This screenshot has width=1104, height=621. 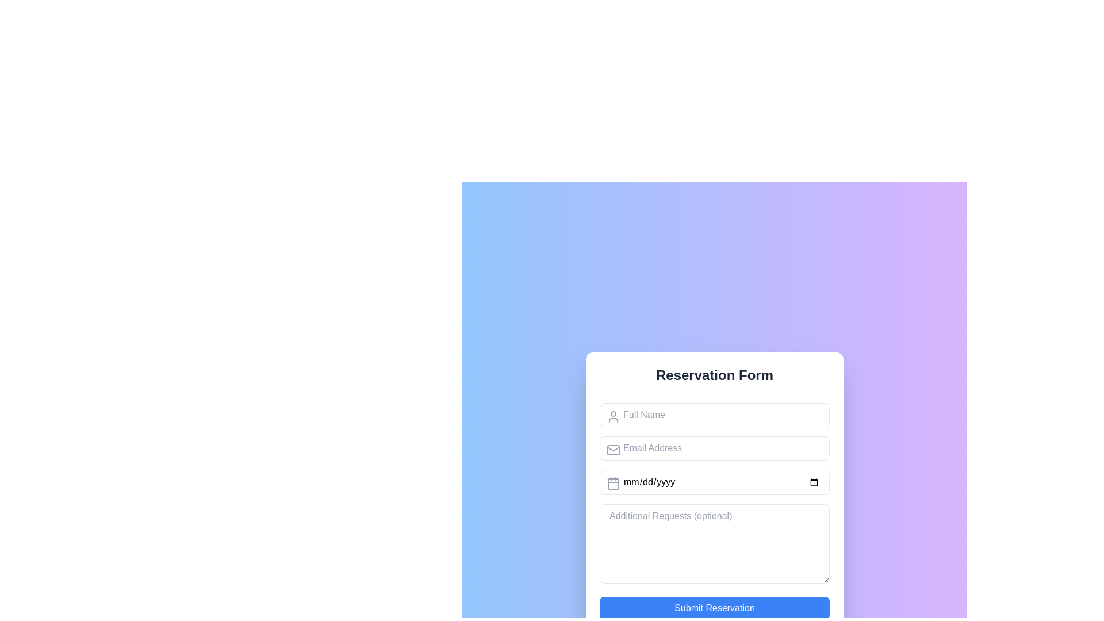 I want to click on the email icon located immediately to the left of the 'Email Address' input field in the reservation form, so click(x=612, y=449).